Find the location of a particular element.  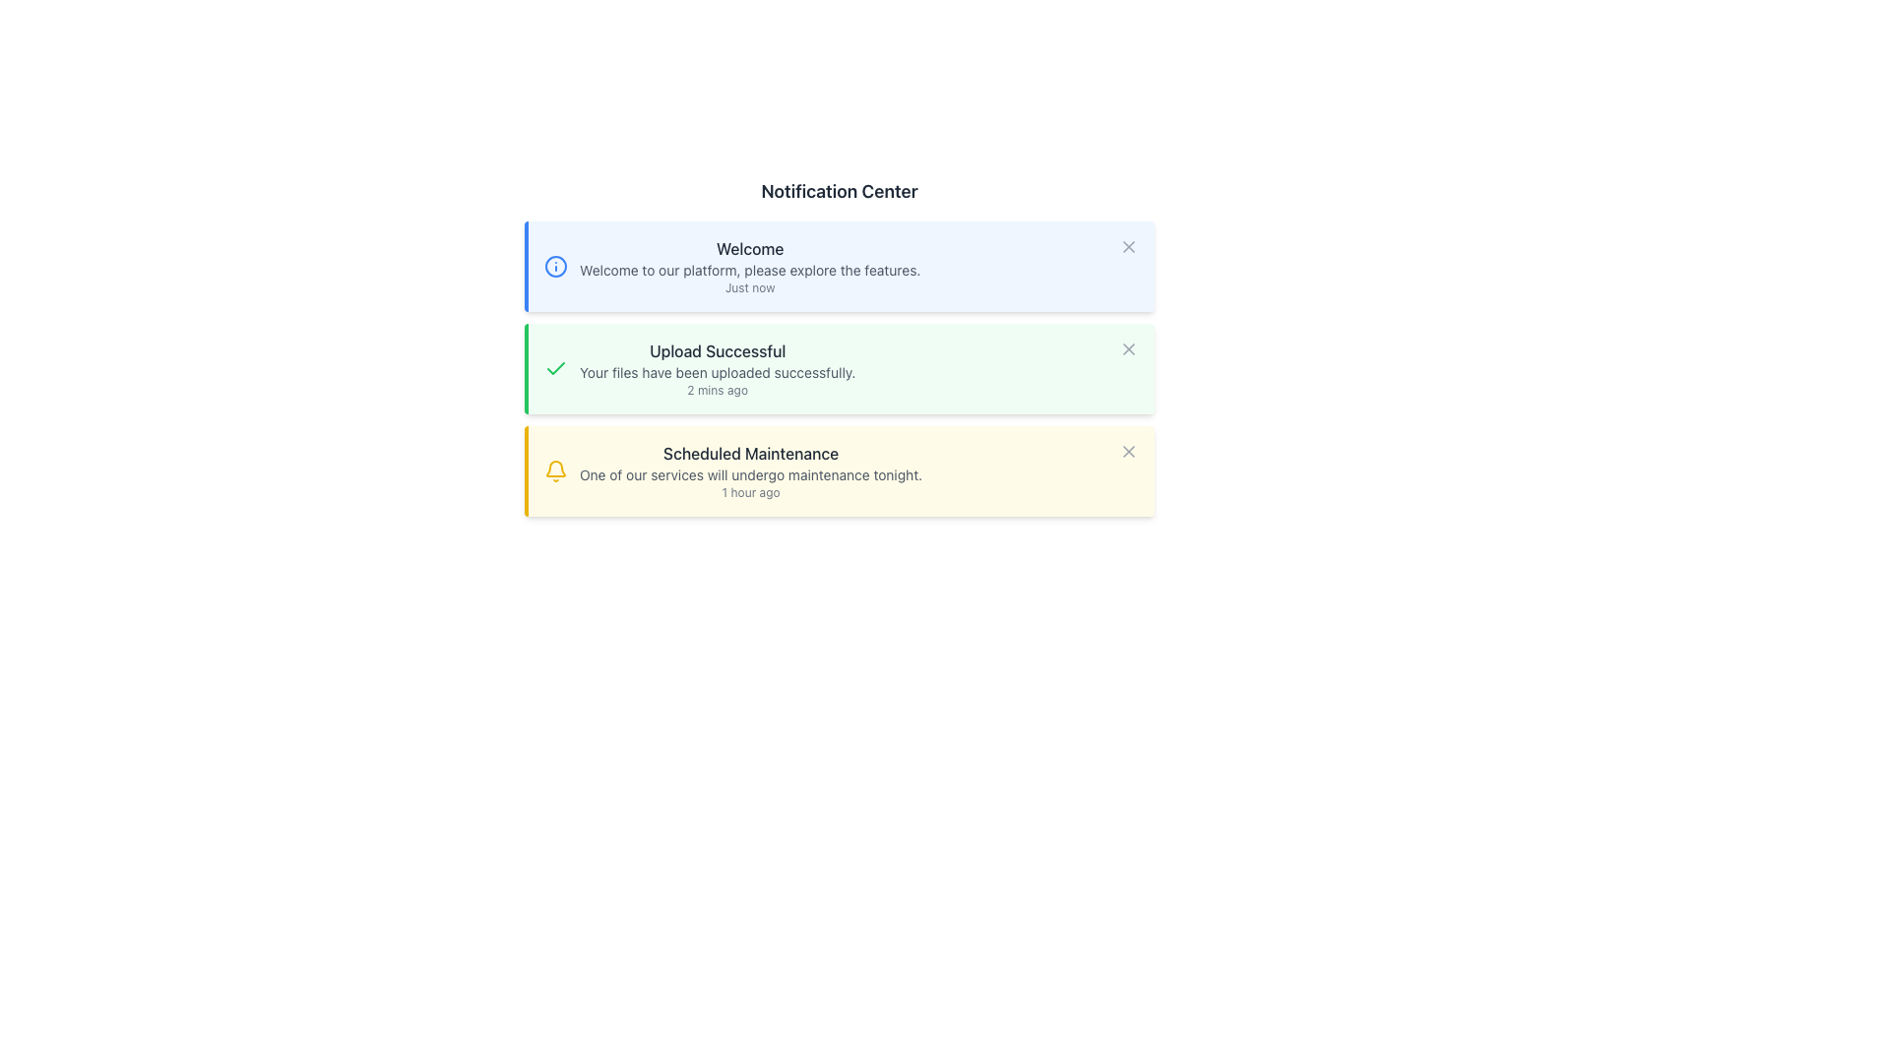

the dismiss button located in the top-right corner of the notification box that contains the text 'Upload Successful' is located at coordinates (1129, 347).